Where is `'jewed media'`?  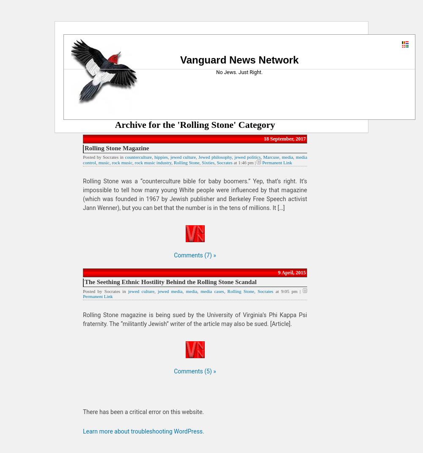
'jewed media' is located at coordinates (170, 291).